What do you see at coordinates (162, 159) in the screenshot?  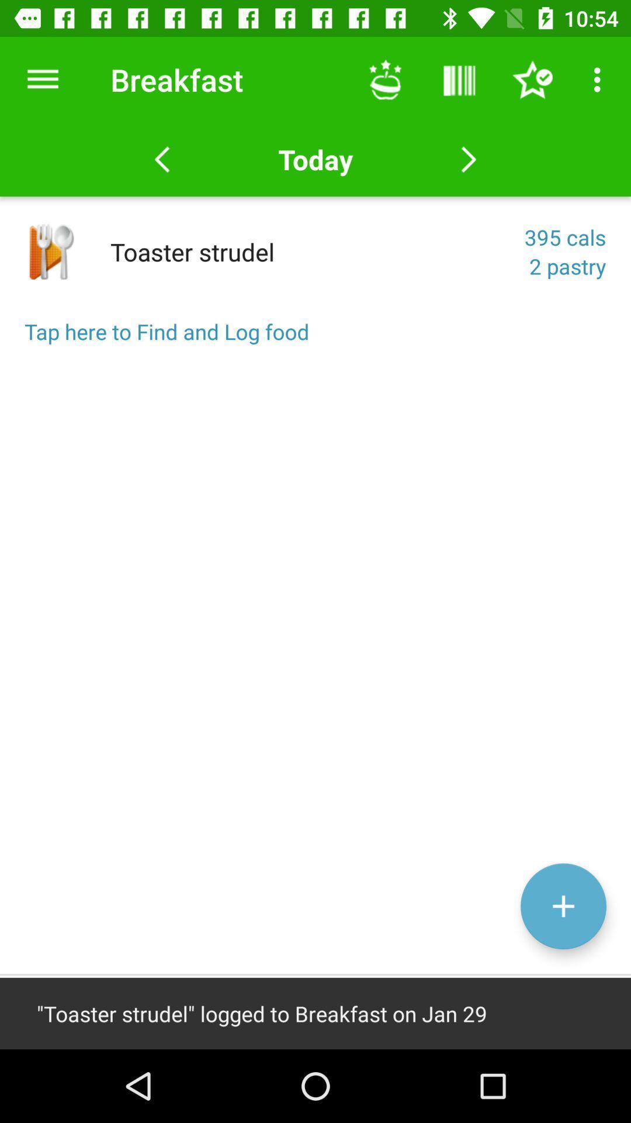 I see `the arrow_backward icon` at bounding box center [162, 159].